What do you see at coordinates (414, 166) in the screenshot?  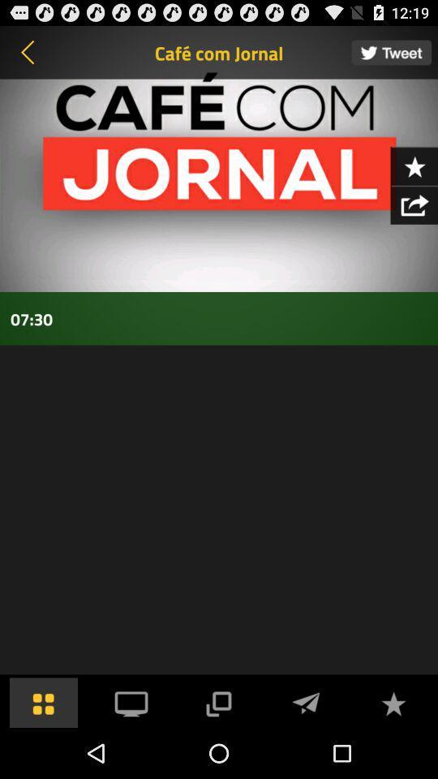 I see `bookmarking logo` at bounding box center [414, 166].